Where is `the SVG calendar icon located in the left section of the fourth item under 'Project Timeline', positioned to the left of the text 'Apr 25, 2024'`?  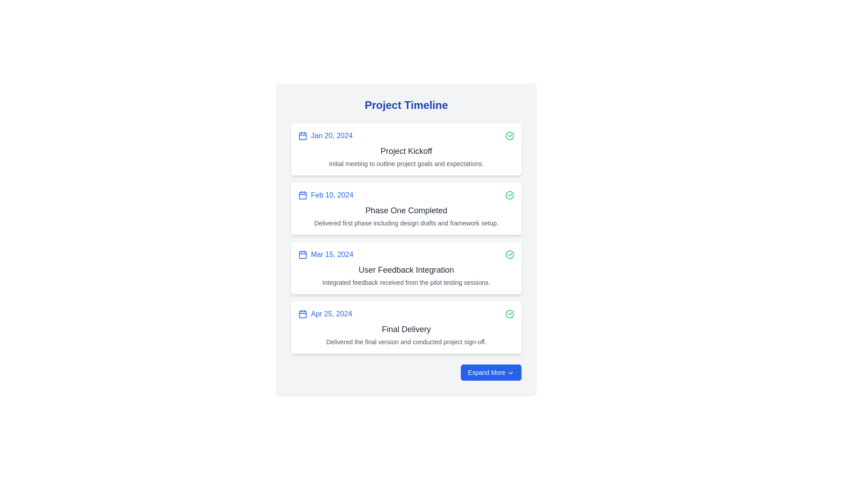
the SVG calendar icon located in the left section of the fourth item under 'Project Timeline', positioned to the left of the text 'Apr 25, 2024' is located at coordinates (302, 314).